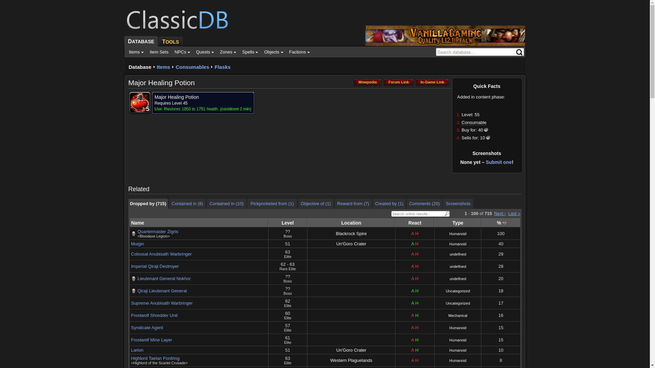  Describe the element at coordinates (155, 358) in the screenshot. I see `'Highlord Taelan Fordring'` at that location.